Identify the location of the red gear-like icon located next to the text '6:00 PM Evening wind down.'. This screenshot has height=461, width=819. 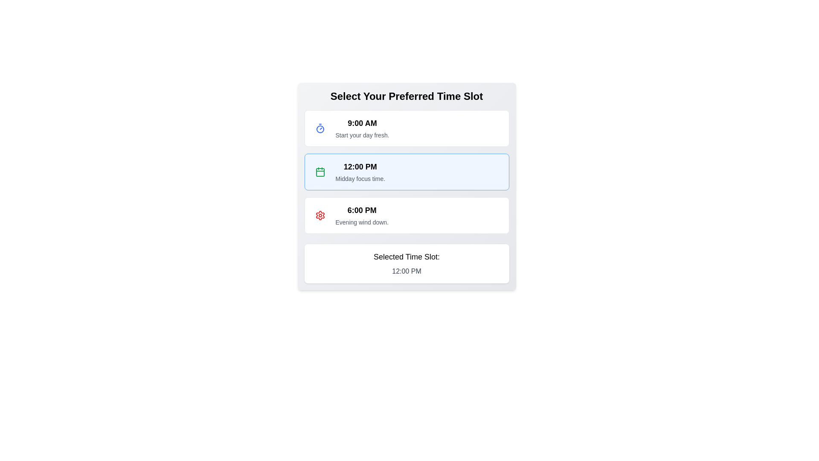
(319, 215).